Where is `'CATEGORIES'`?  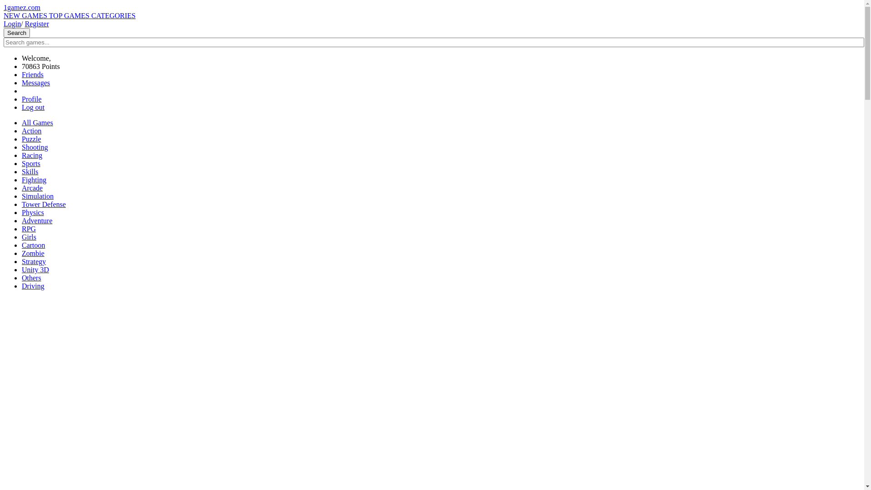
'CATEGORIES' is located at coordinates (113, 15).